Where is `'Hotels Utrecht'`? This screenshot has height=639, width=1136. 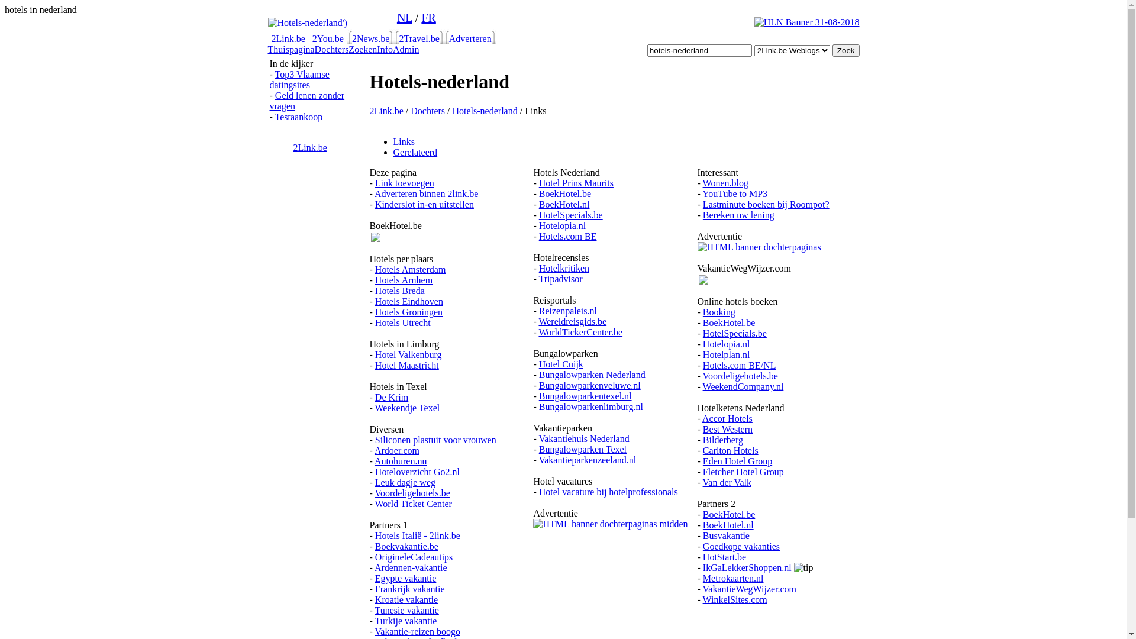 'Hotels Utrecht' is located at coordinates (403, 322).